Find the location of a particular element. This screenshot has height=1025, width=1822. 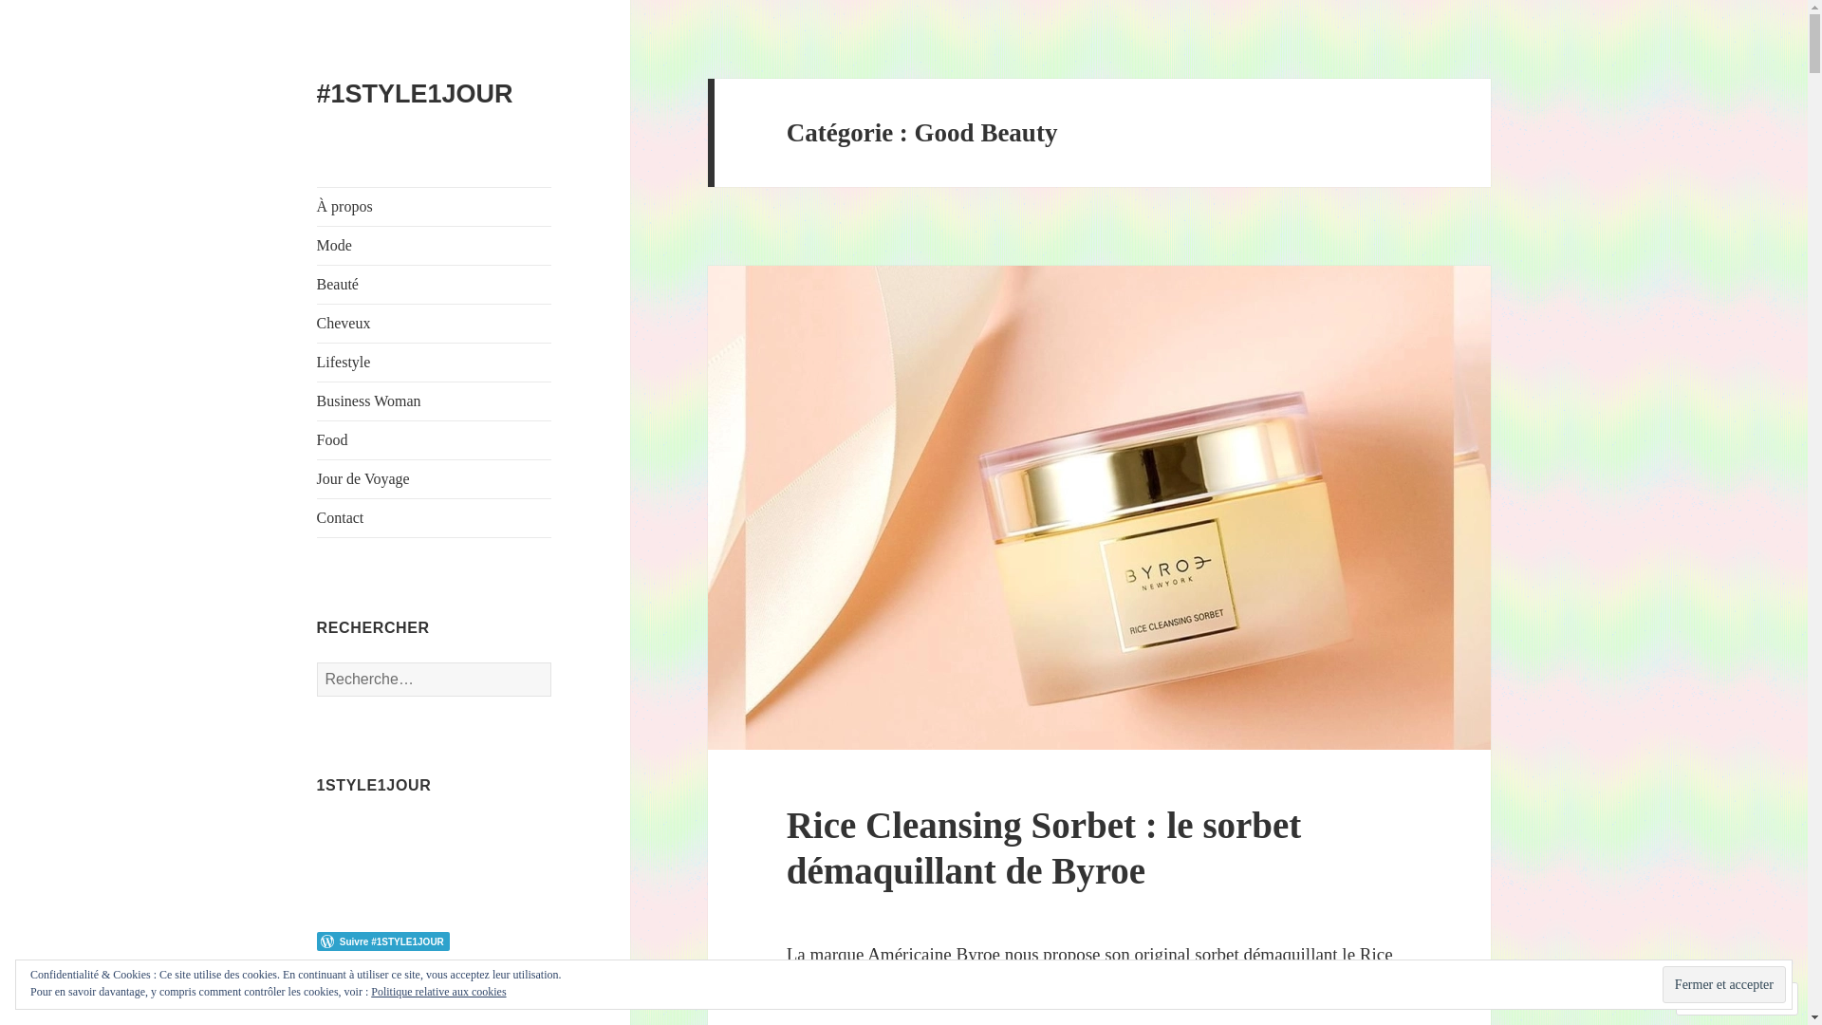

'Business Woman' is located at coordinates (433, 401).